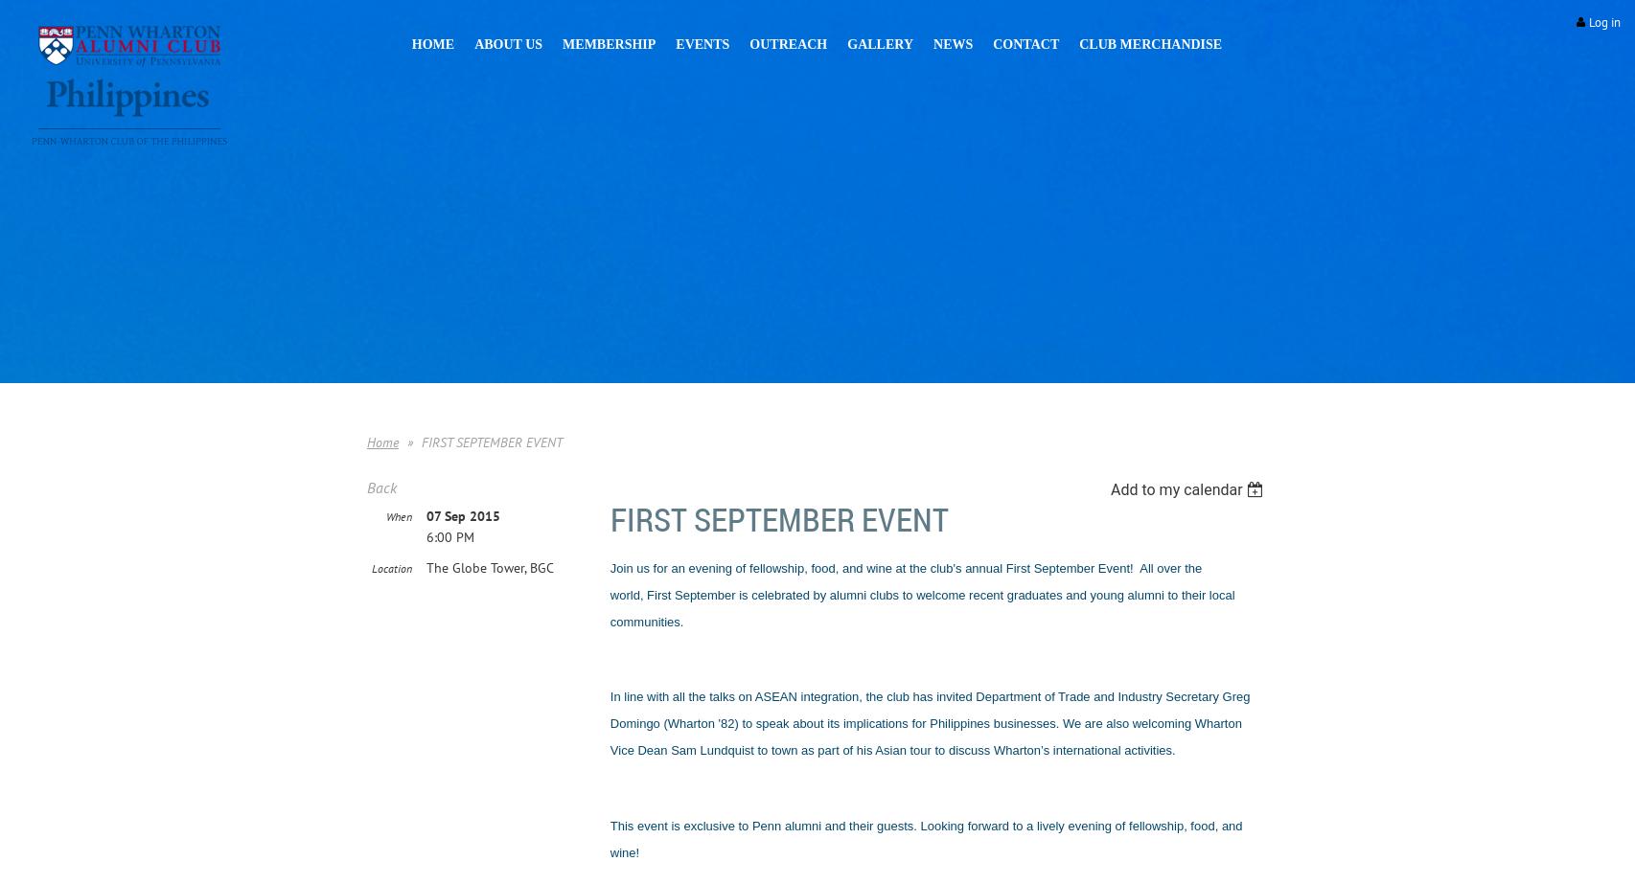 This screenshot has height=884, width=1635. What do you see at coordinates (1588, 22) in the screenshot?
I see `'Log in'` at bounding box center [1588, 22].